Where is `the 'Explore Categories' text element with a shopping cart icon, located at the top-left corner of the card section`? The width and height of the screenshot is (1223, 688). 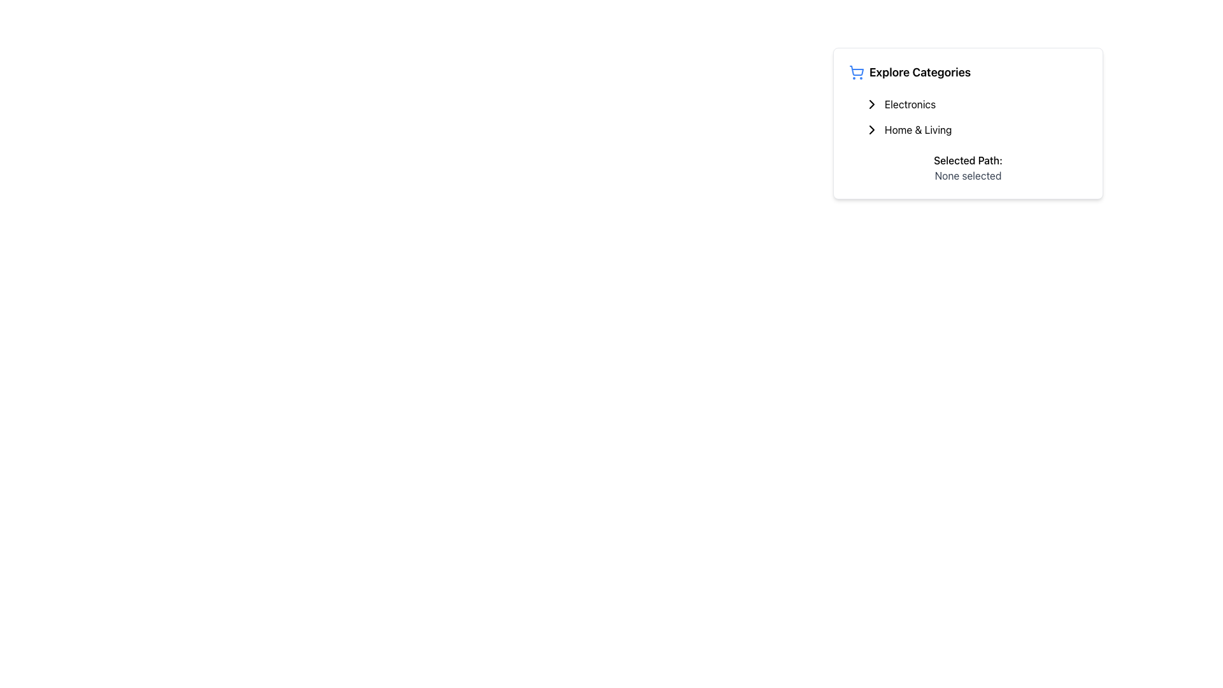
the 'Explore Categories' text element with a shopping cart icon, located at the top-left corner of the card section is located at coordinates (968, 73).